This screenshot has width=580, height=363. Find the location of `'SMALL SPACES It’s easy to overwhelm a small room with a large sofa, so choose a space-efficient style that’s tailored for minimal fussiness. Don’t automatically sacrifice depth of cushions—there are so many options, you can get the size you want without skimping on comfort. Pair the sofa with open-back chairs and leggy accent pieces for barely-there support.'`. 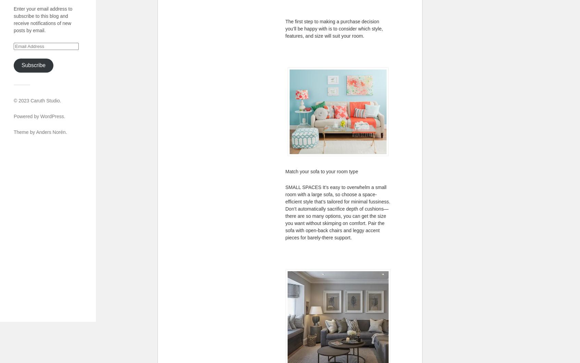

'SMALL SPACES It’s easy to overwhelm a small room with a large sofa, so choose a space-efficient style that’s tailored for minimal fussiness. Don’t automatically sacrifice depth of cushions—there are so many options, you can get the size you want without skimping on comfort. Pair the sofa with open-back chairs and leggy accent pieces for barely-there support.' is located at coordinates (337, 212).